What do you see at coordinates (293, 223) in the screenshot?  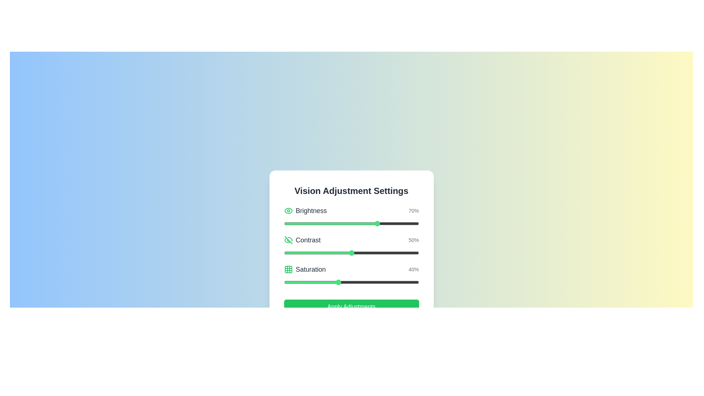 I see `the brightness slider to set the brightness to 7%` at bounding box center [293, 223].